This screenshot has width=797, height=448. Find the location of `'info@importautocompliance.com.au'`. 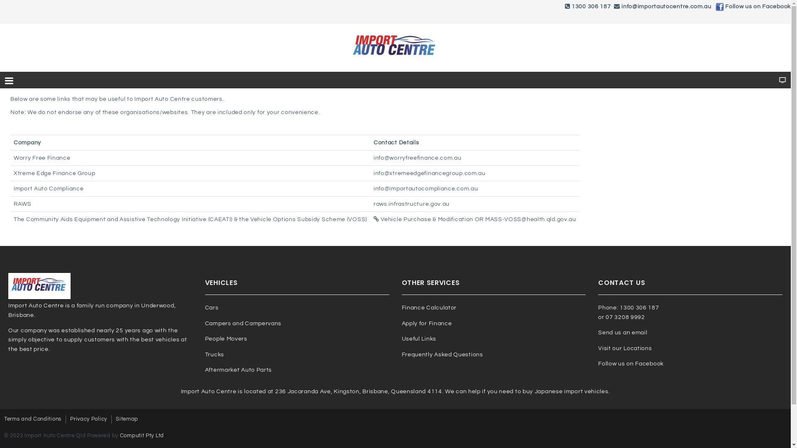

'info@importautocompliance.com.au' is located at coordinates (425, 189).